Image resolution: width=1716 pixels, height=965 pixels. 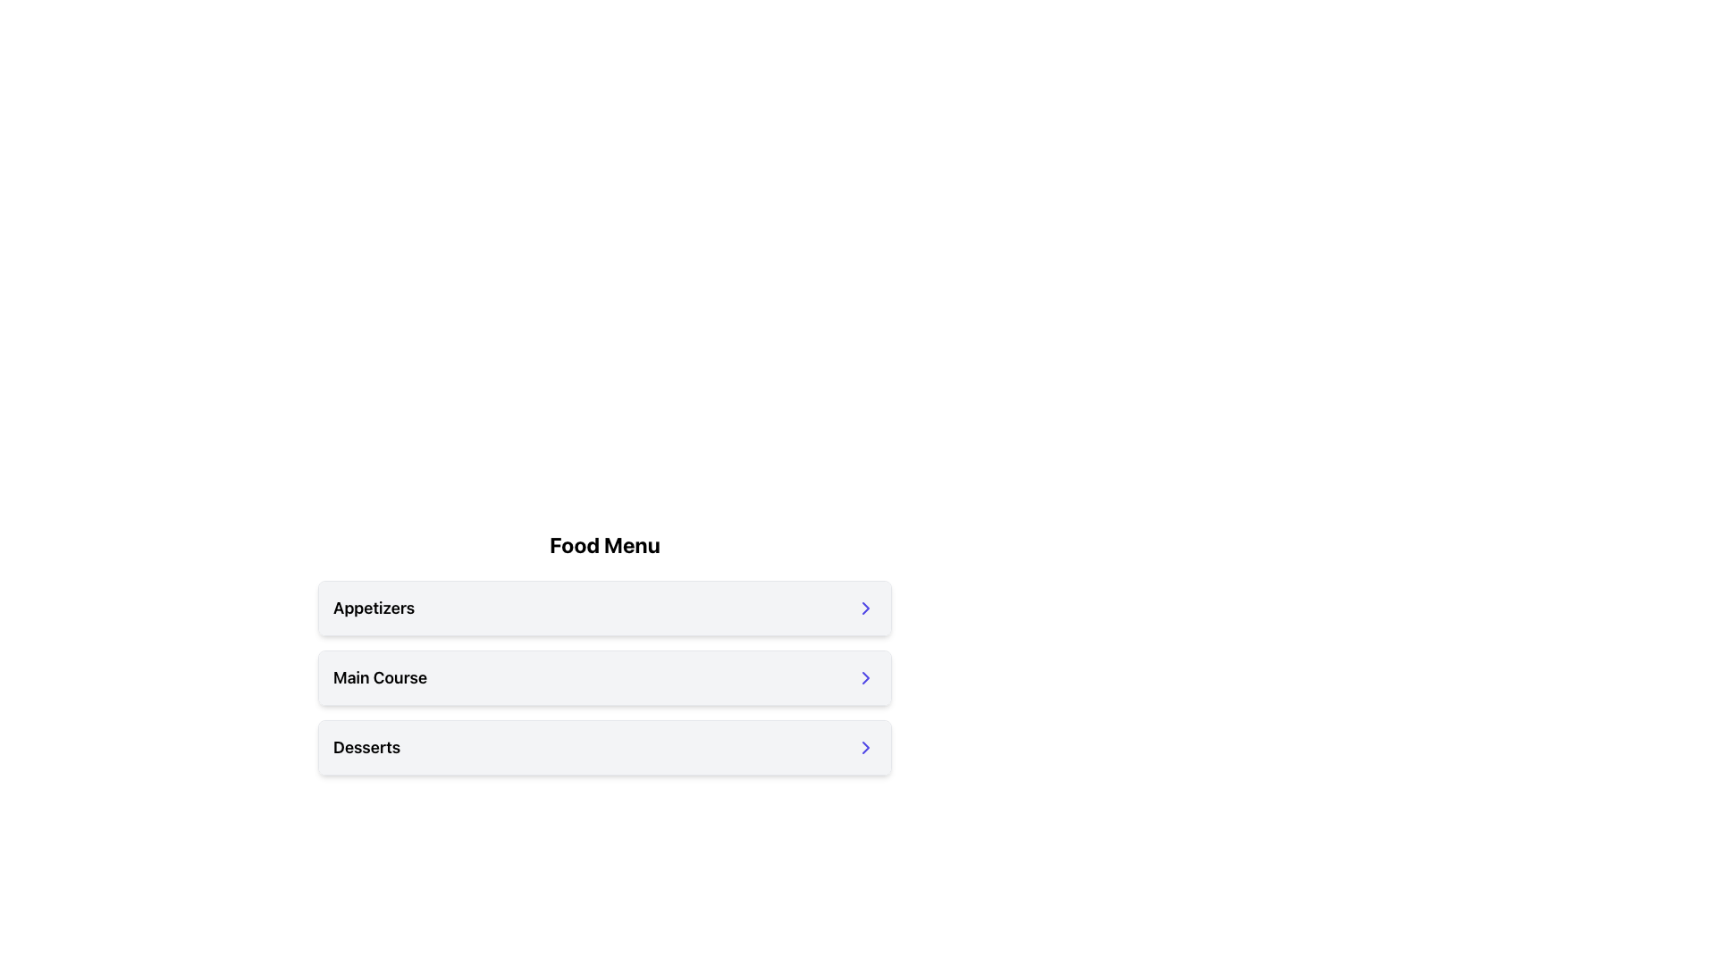 What do you see at coordinates (366, 748) in the screenshot?
I see `the static text label reading 'Desserts', which is styled with a bold and slightly larger font and is part of a horizontal row with an arrow icon to its right` at bounding box center [366, 748].